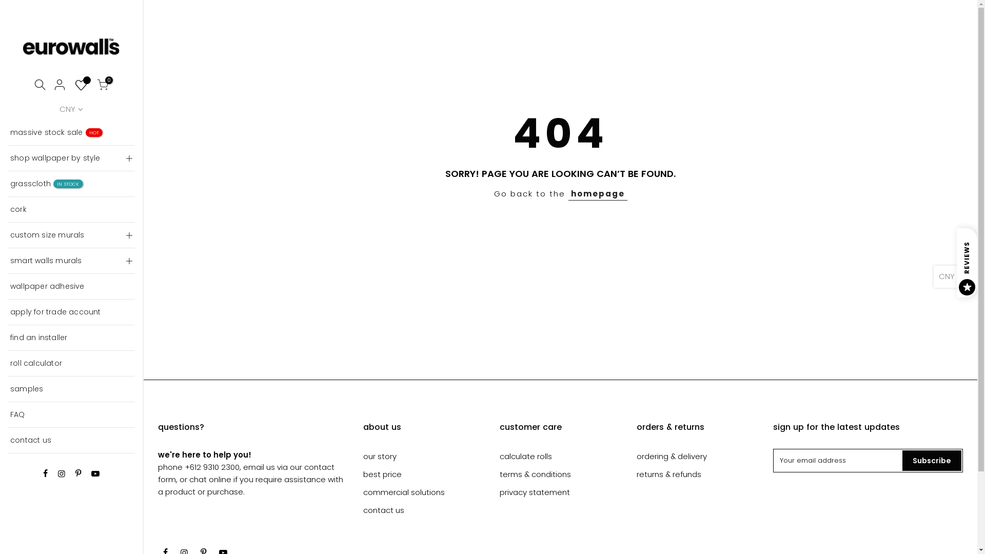 This screenshot has width=985, height=554. What do you see at coordinates (71, 363) in the screenshot?
I see `'roll calculator'` at bounding box center [71, 363].